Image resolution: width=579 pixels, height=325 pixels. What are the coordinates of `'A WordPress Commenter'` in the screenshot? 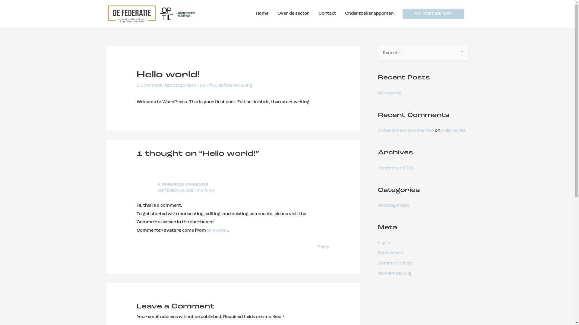 It's located at (405, 130).